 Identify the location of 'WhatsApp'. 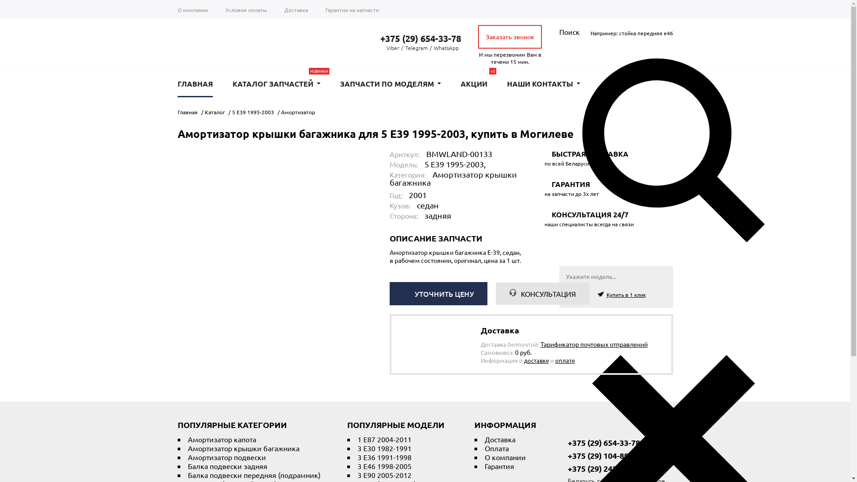
(446, 48).